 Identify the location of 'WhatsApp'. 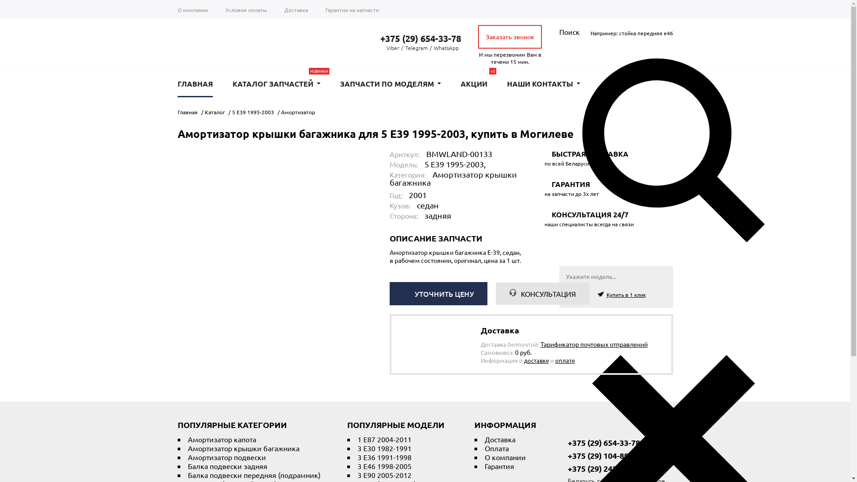
(446, 48).